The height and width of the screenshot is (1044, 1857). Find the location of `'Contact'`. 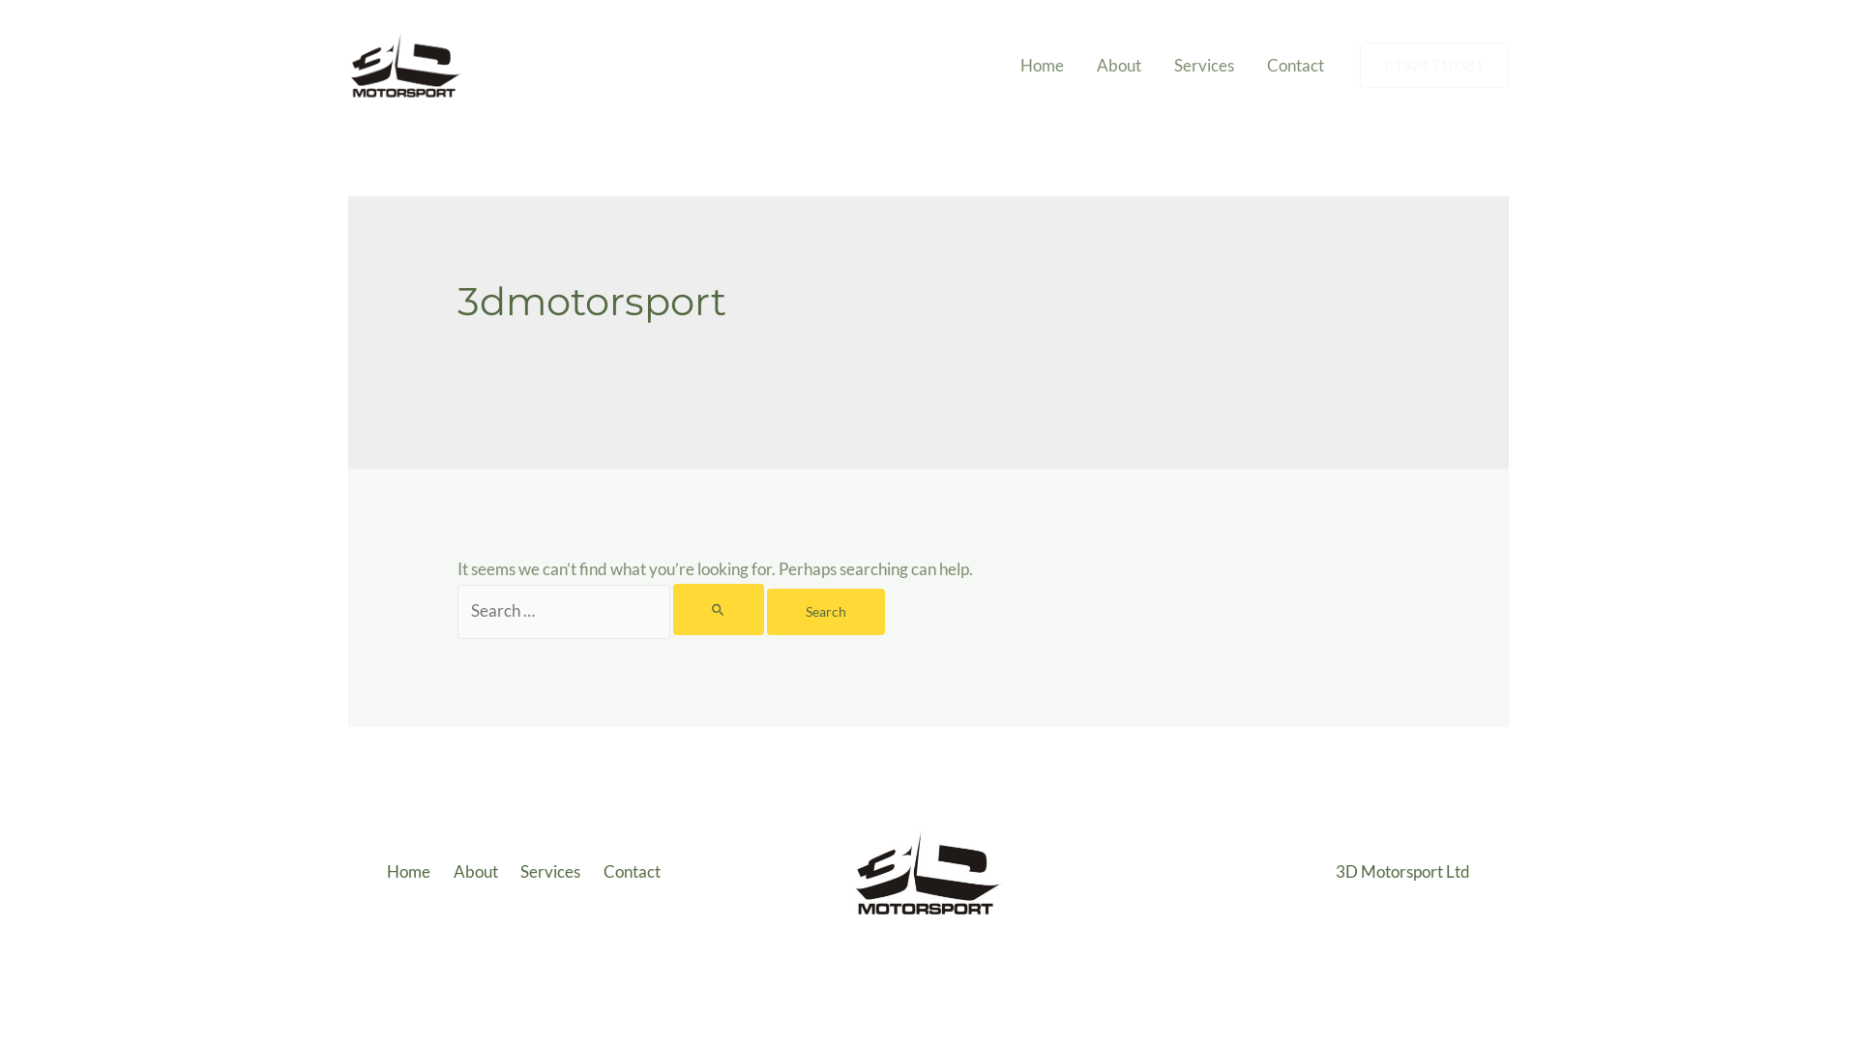

'Contact' is located at coordinates (634, 872).